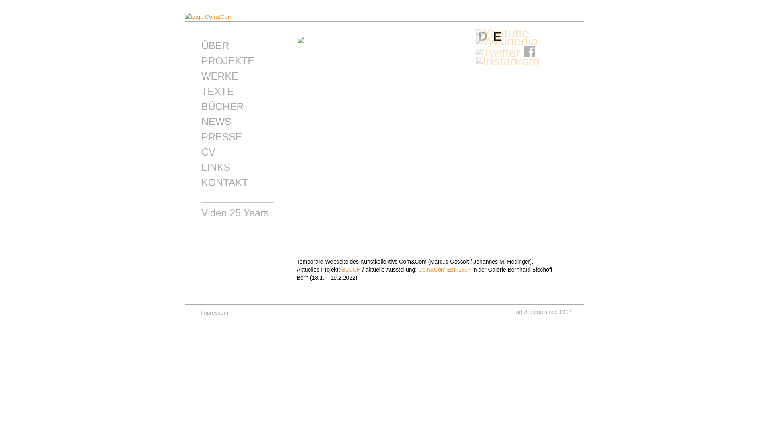 The height and width of the screenshot is (432, 769). What do you see at coordinates (497, 36) in the screenshot?
I see `'E'` at bounding box center [497, 36].